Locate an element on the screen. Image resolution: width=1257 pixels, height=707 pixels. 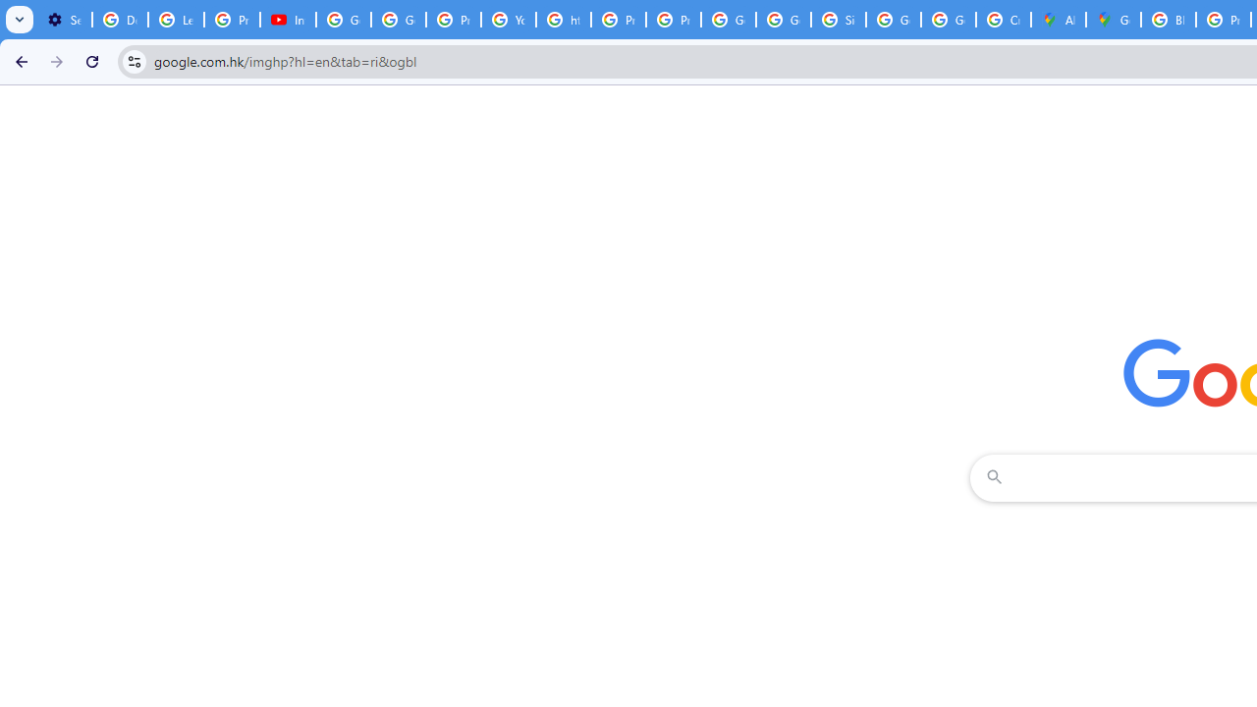
'Blogger Policies and Guidelines - Transparency Center' is located at coordinates (1169, 20).